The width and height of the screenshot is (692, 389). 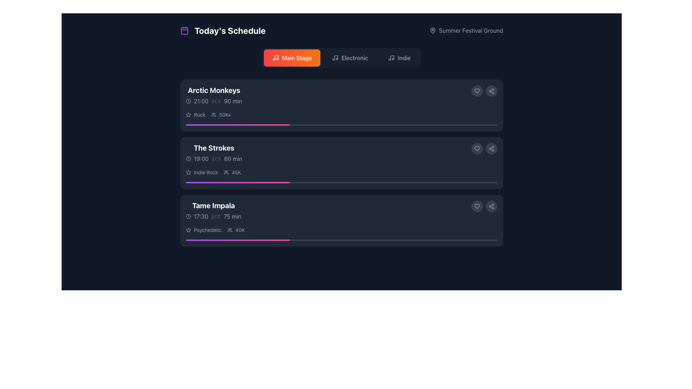 What do you see at coordinates (341, 125) in the screenshot?
I see `the progress bar located at the bottom edge of the 'Arctic Monkeys' event card, which visually represents the completion status` at bounding box center [341, 125].